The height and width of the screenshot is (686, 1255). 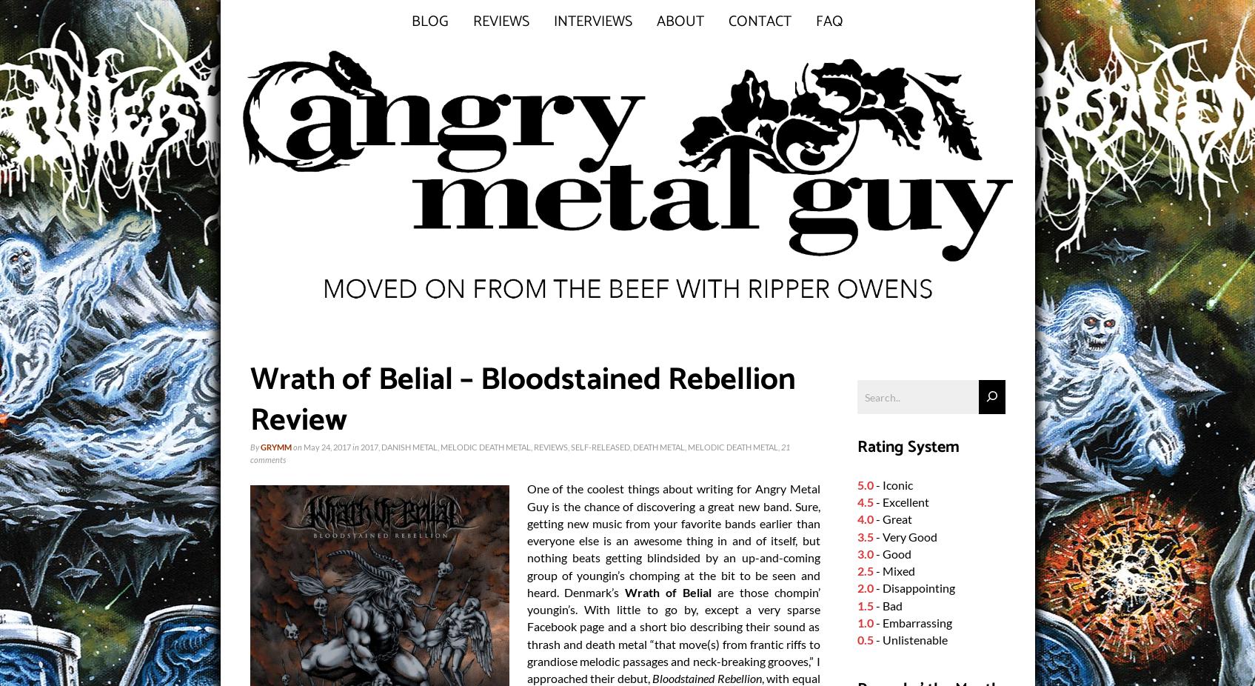 What do you see at coordinates (873, 570) in the screenshot?
I see `'- Mixed'` at bounding box center [873, 570].